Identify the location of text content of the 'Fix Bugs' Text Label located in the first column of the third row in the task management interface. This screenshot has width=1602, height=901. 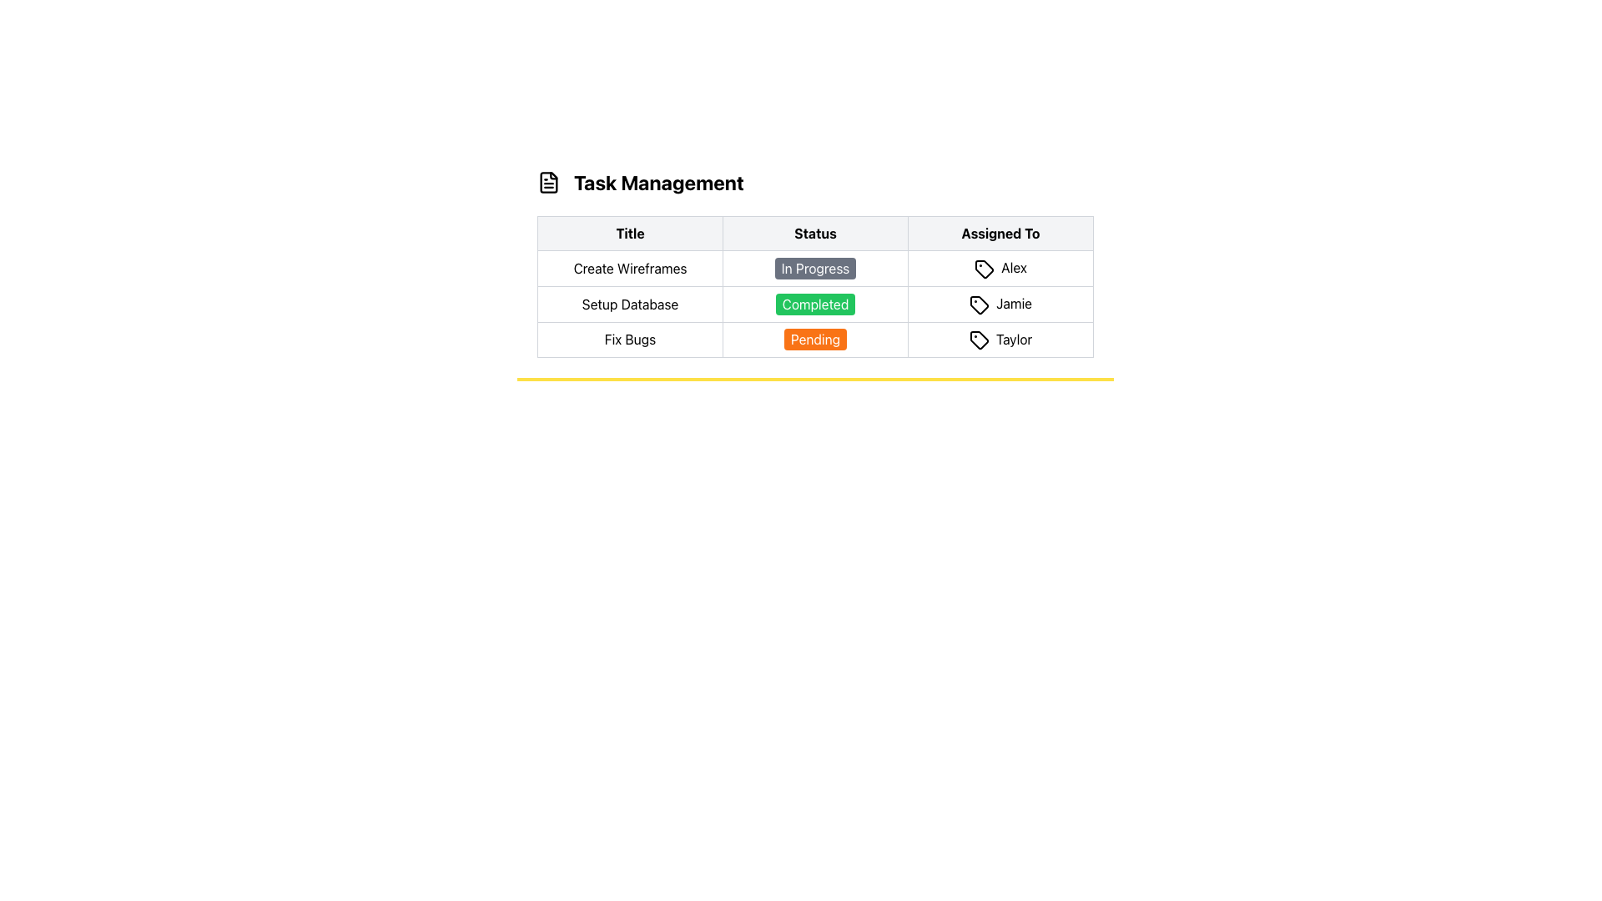
(629, 339).